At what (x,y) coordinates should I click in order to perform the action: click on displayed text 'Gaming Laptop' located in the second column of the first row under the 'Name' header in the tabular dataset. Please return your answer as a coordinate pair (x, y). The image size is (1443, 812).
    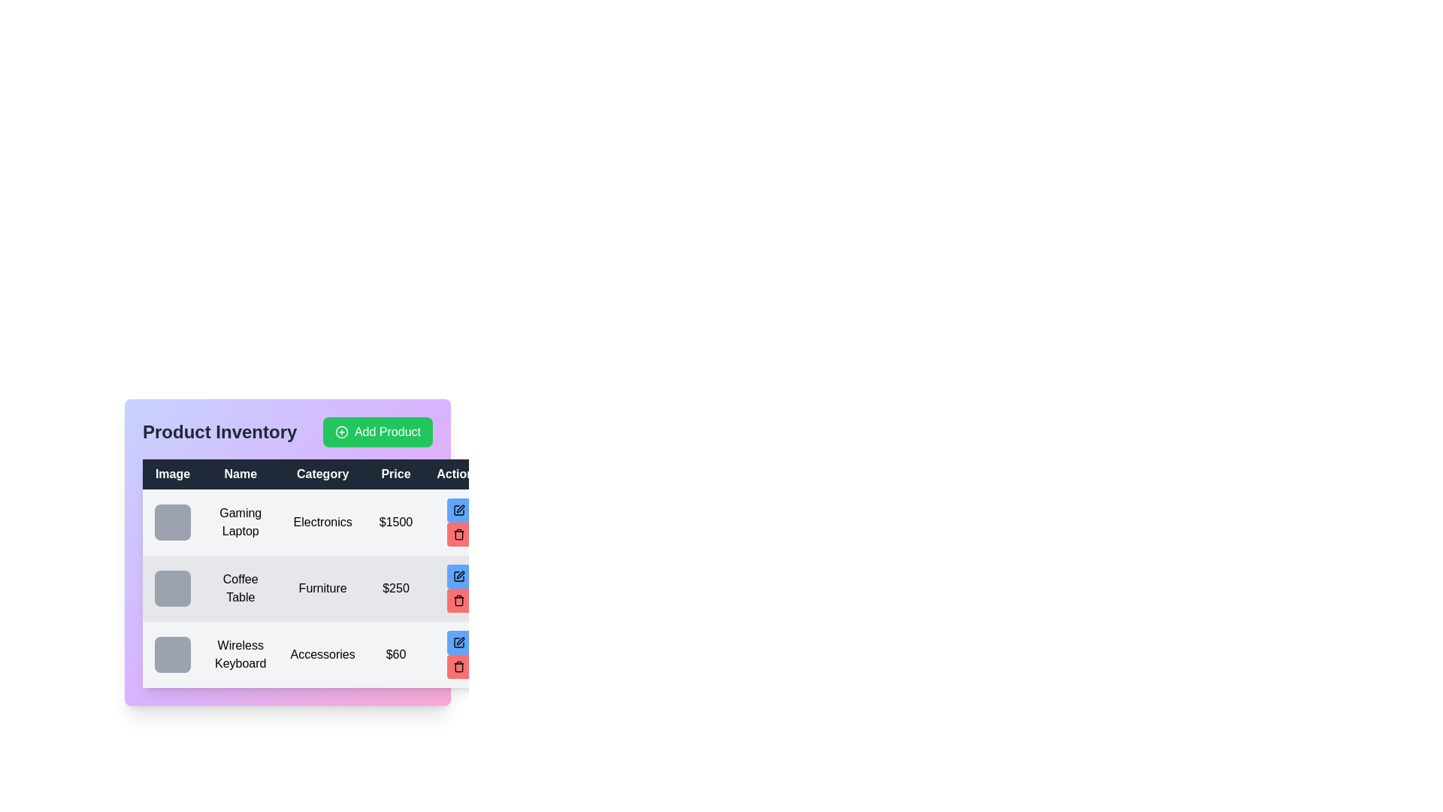
    Looking at the image, I should click on (240, 521).